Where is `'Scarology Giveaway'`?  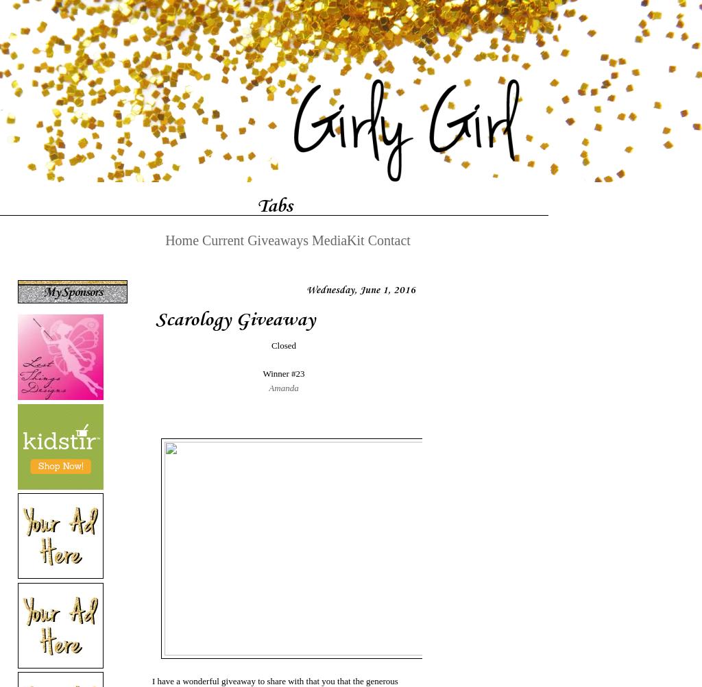 'Scarology Giveaway' is located at coordinates (235, 318).